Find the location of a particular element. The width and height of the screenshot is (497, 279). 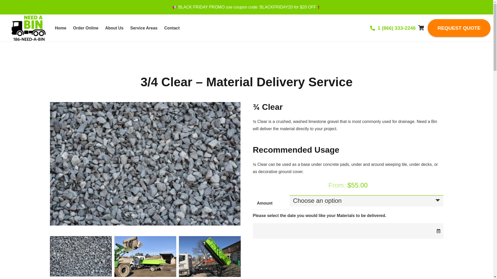

'1 (866) 333-2246' is located at coordinates (393, 28).